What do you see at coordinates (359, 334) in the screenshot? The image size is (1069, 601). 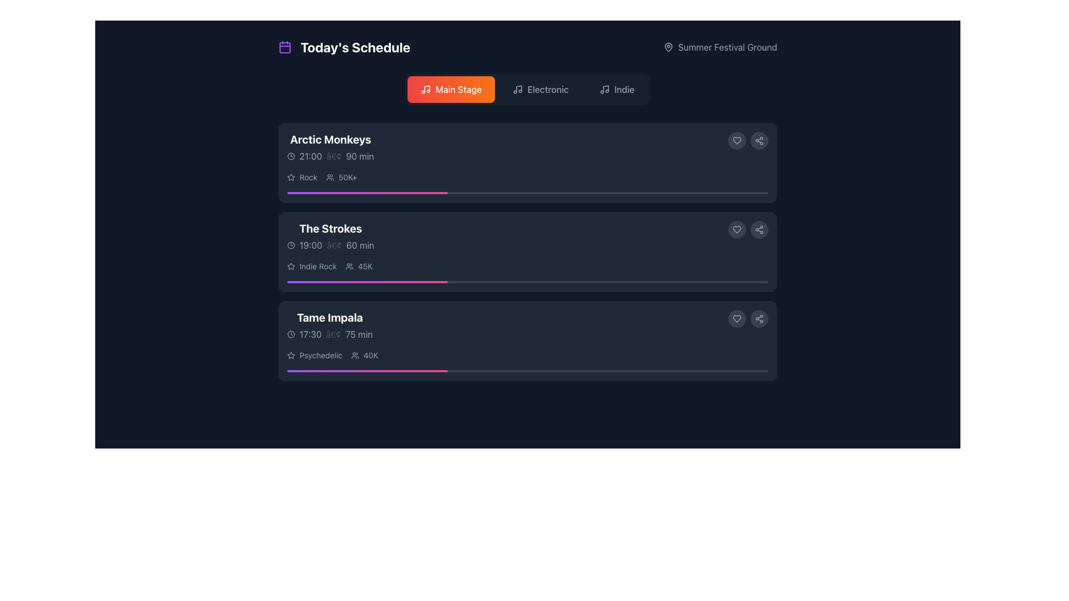 I see `the static text label indicating the duration of an event in minutes, located within the 'Tame Impala' block at the bottom right of its card` at bounding box center [359, 334].